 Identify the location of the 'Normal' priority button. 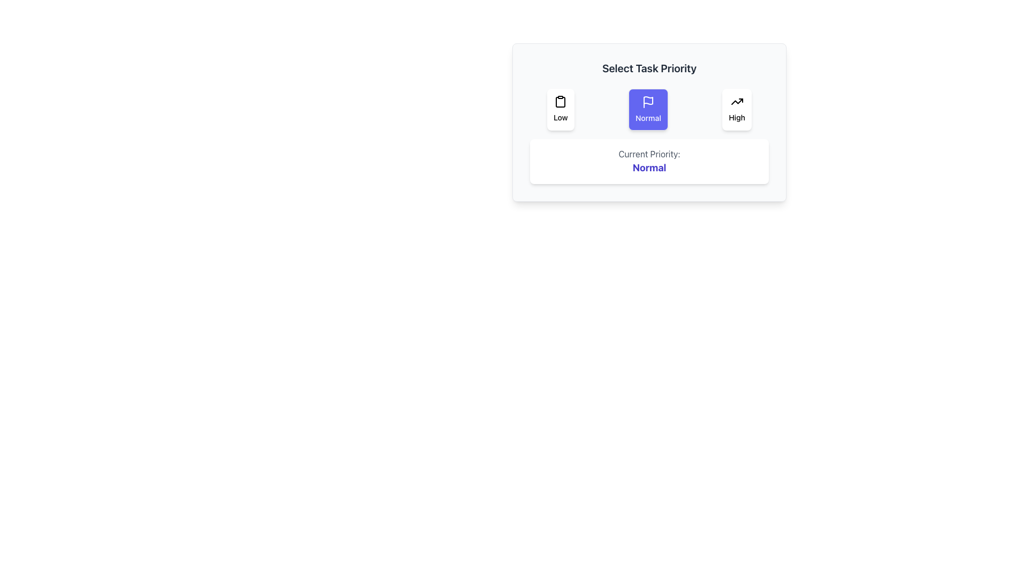
(649, 121).